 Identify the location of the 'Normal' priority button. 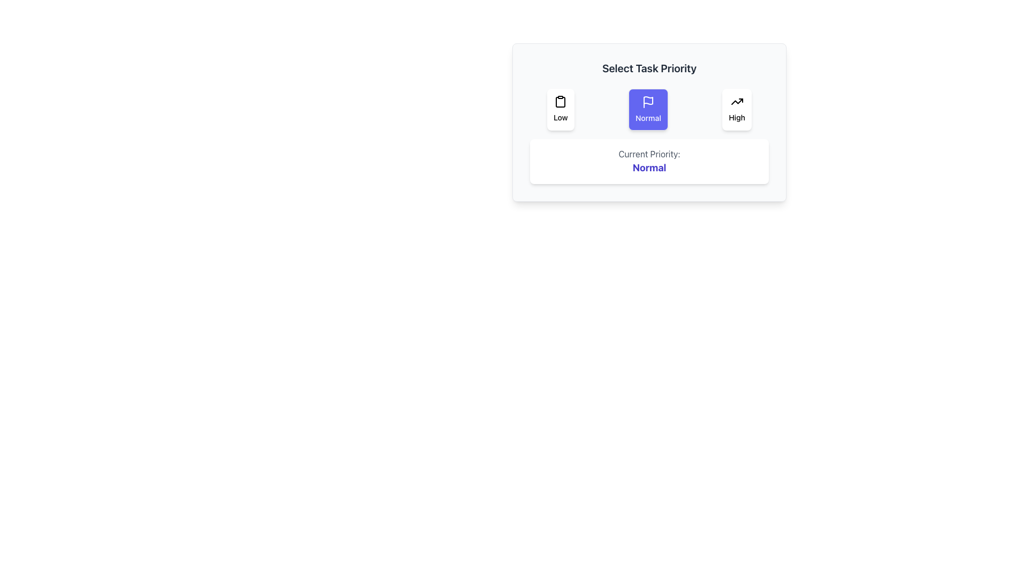
(649, 121).